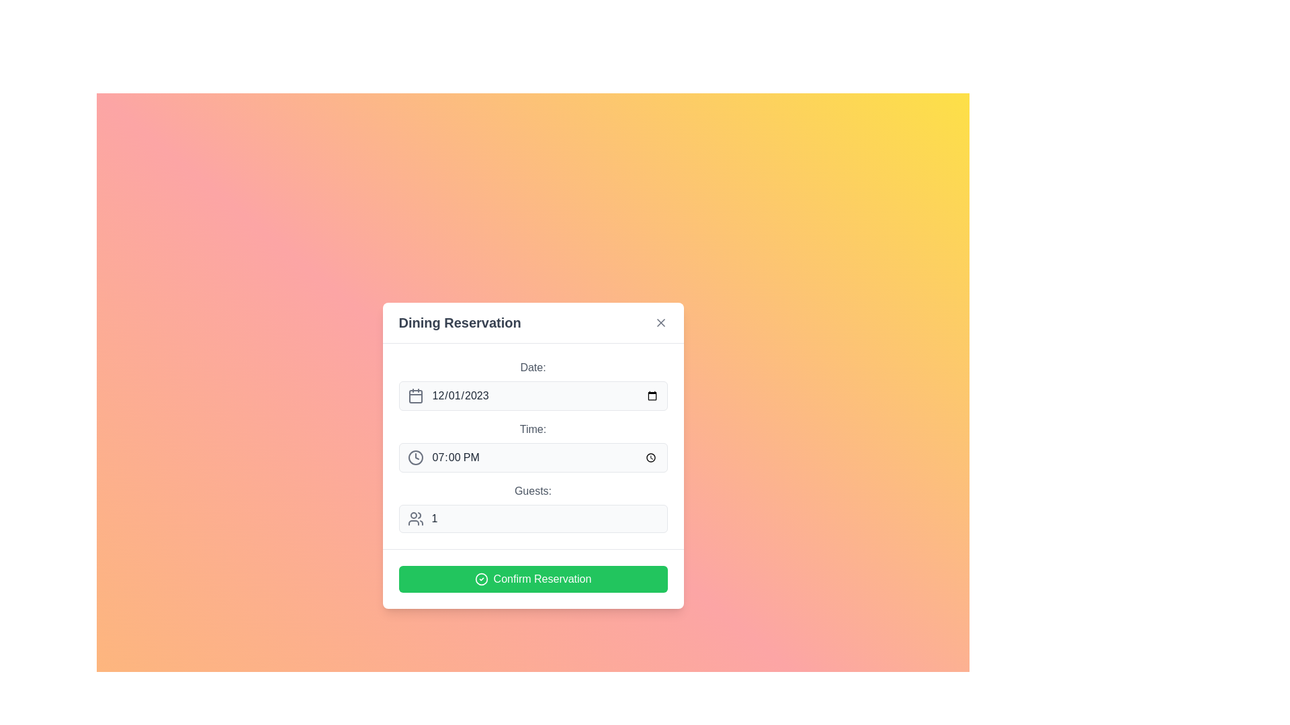  Describe the element at coordinates (415, 395) in the screenshot. I see `the gray calendar icon with a square outline and curved edges, which is positioned to the left of the date input box` at that location.